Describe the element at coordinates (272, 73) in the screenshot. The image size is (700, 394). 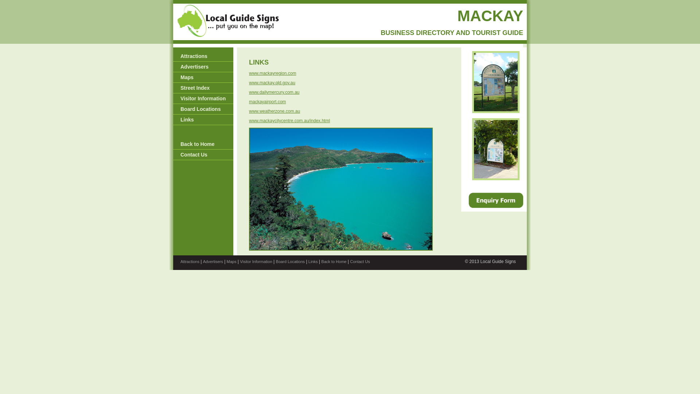
I see `'www.mackayregion.com'` at that location.